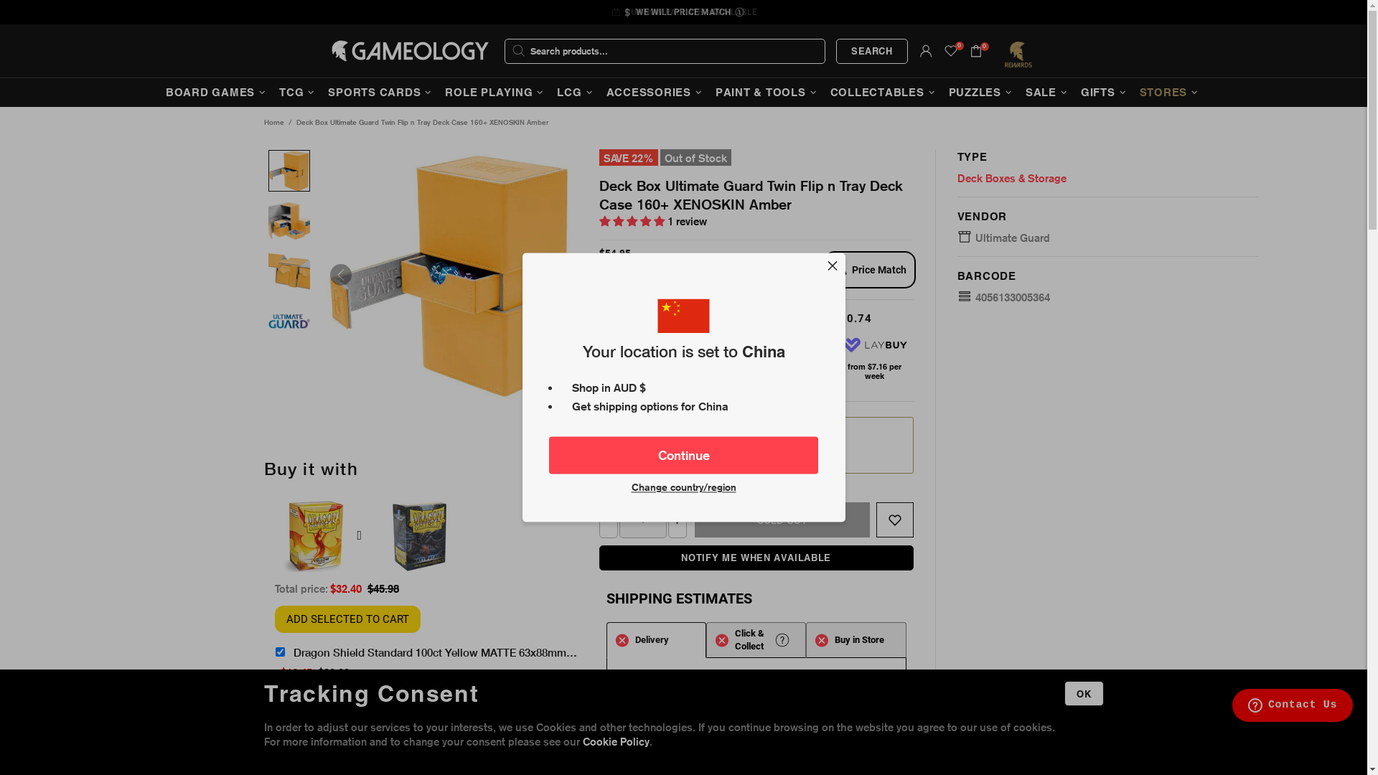  I want to click on 'ACCESSORIES', so click(655, 92).